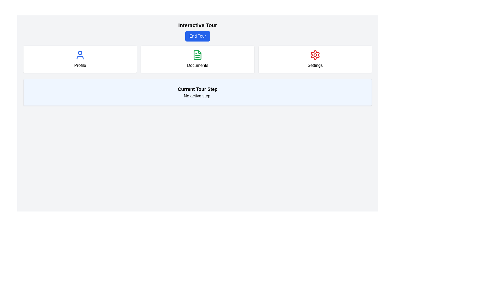  Describe the element at coordinates (197, 36) in the screenshot. I see `the 'End Tour' button, which is a rectangular button with rounded corners, blue background, and white text, located centrally near the top of the interface below 'Interactive Tour'` at that location.